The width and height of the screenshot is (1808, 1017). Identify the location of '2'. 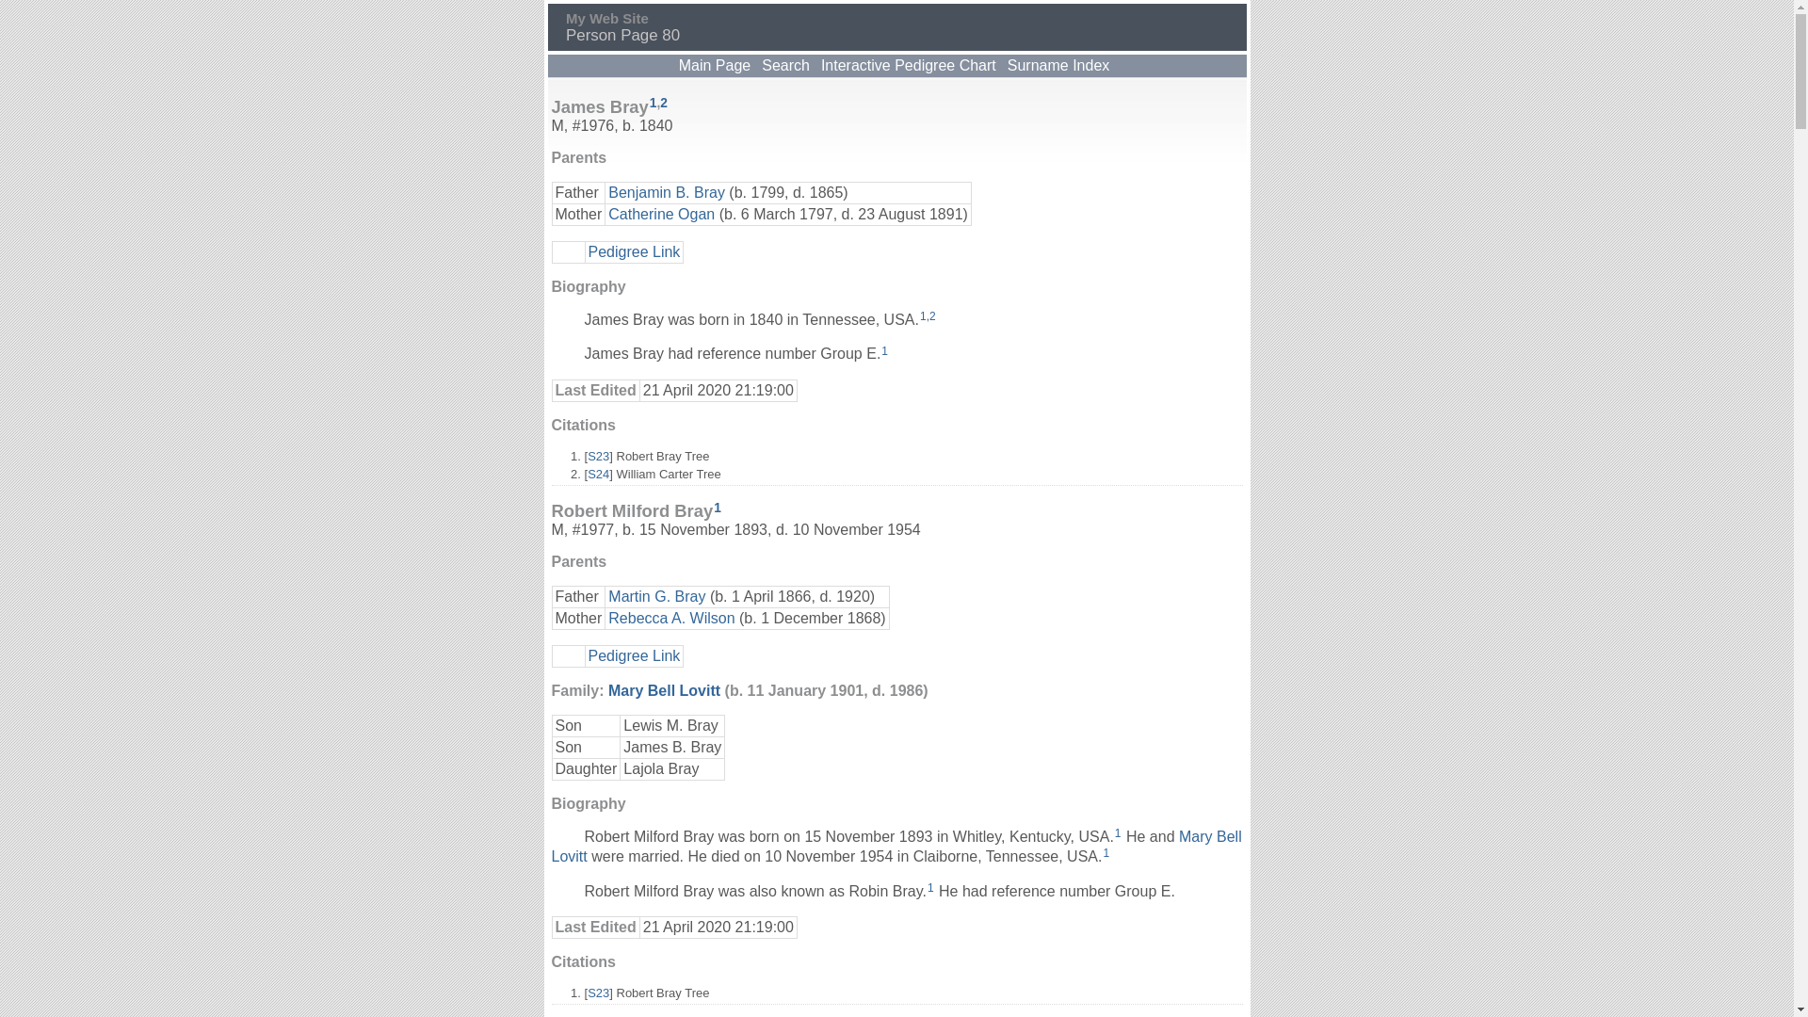
(664, 103).